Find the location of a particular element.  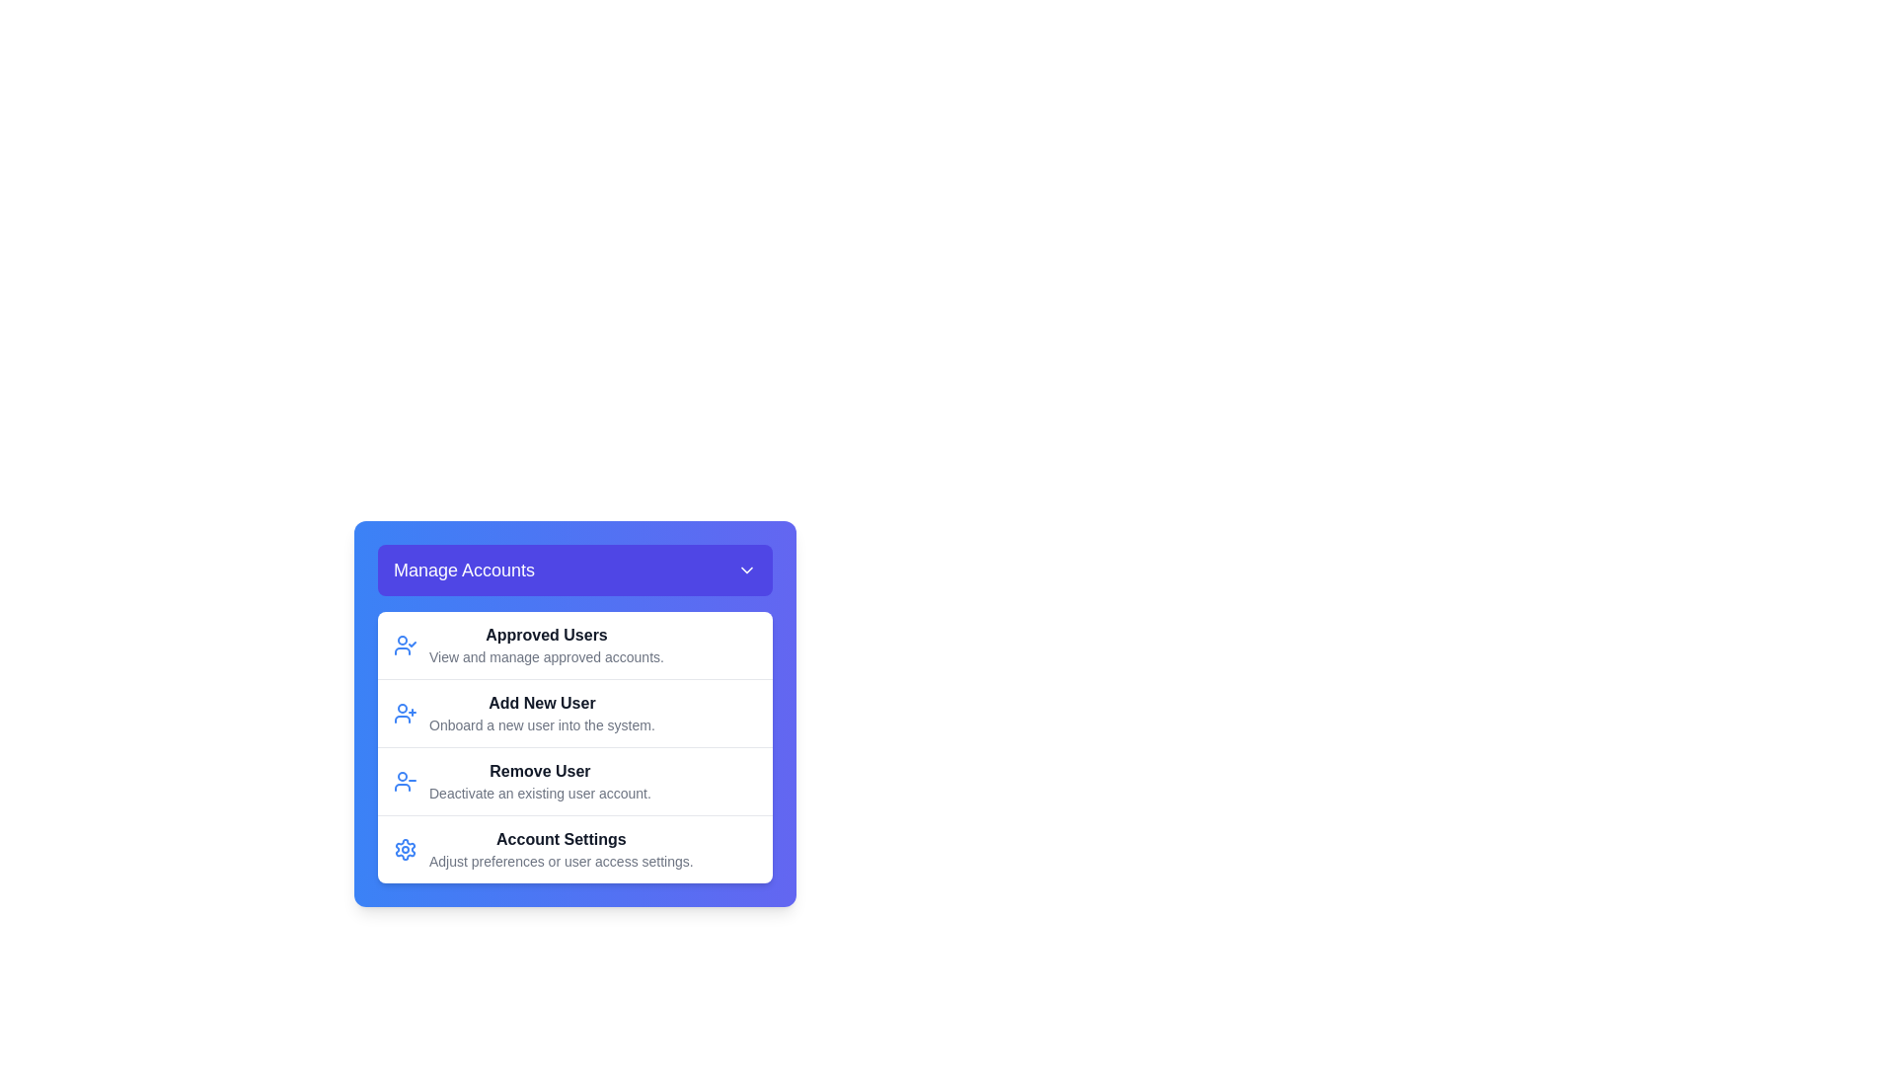

the small text component that reads 'Deactivate an existing user account.', which is located beneath the main title 'Remove User' is located at coordinates (540, 792).